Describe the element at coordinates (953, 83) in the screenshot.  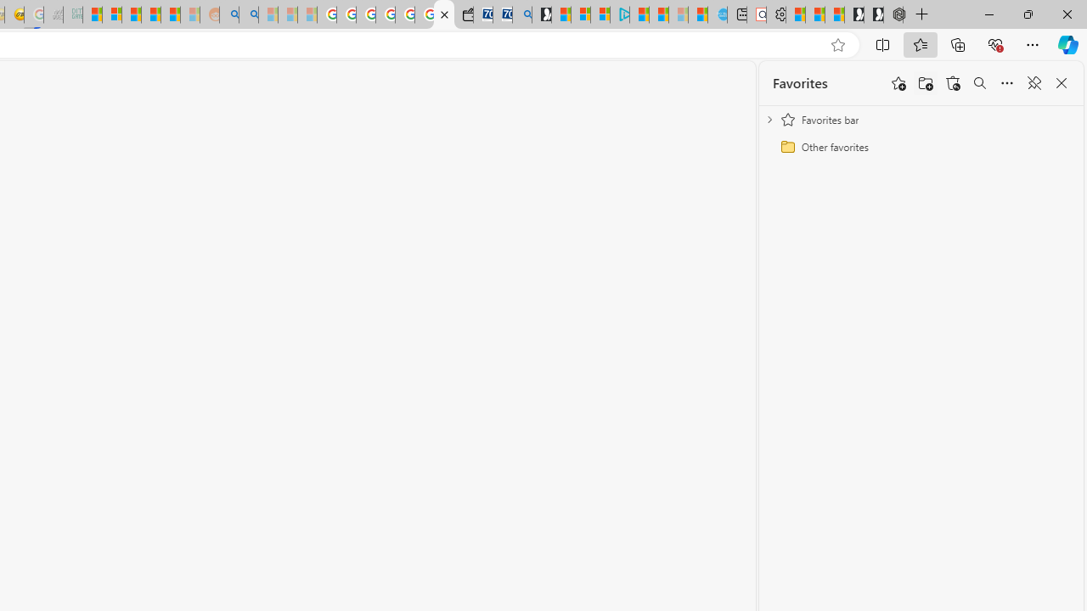
I see `'Restore deleted favorites'` at that location.